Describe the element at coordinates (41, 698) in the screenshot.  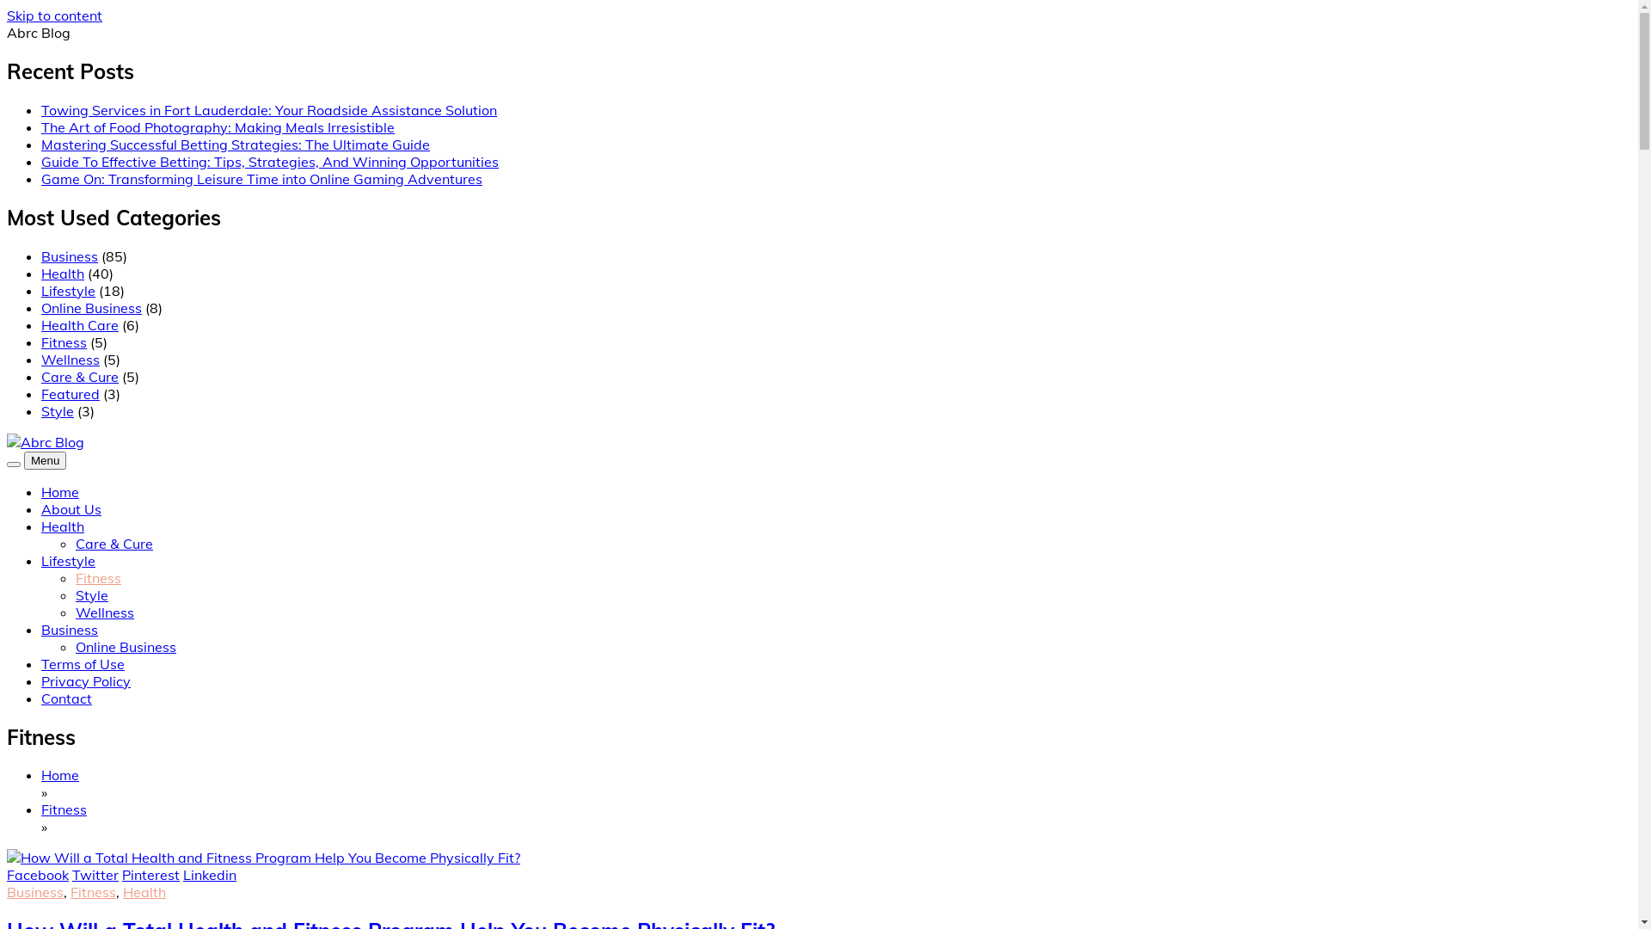
I see `'Contact'` at that location.